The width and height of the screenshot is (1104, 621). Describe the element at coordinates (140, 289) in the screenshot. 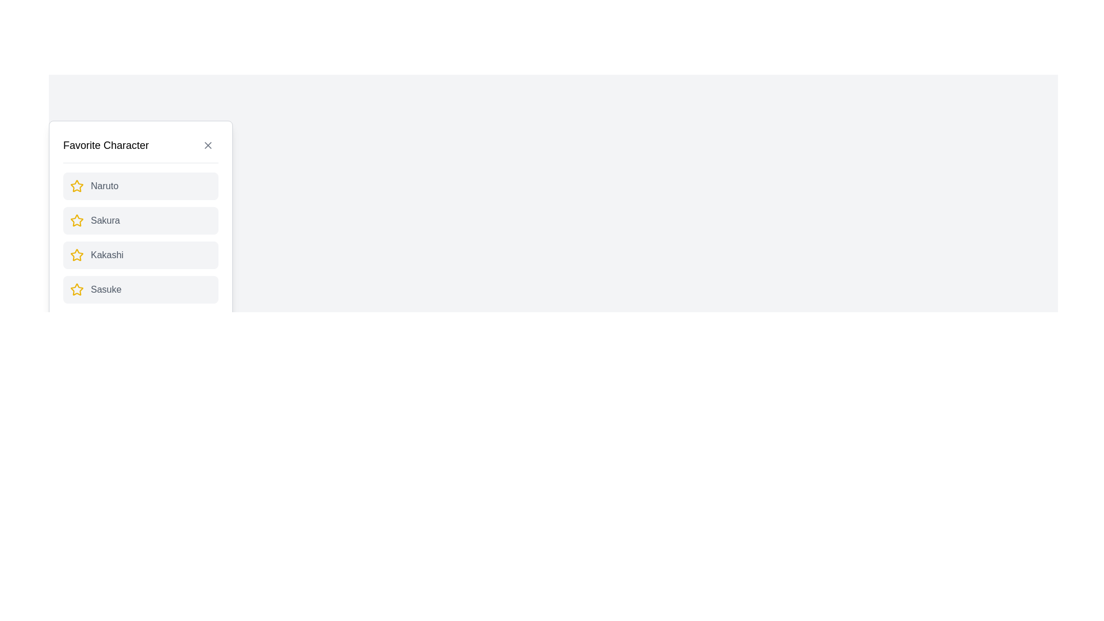

I see `the fourth button labeled 'Sasuke' in the vertically stacked list of selectable characters` at that location.